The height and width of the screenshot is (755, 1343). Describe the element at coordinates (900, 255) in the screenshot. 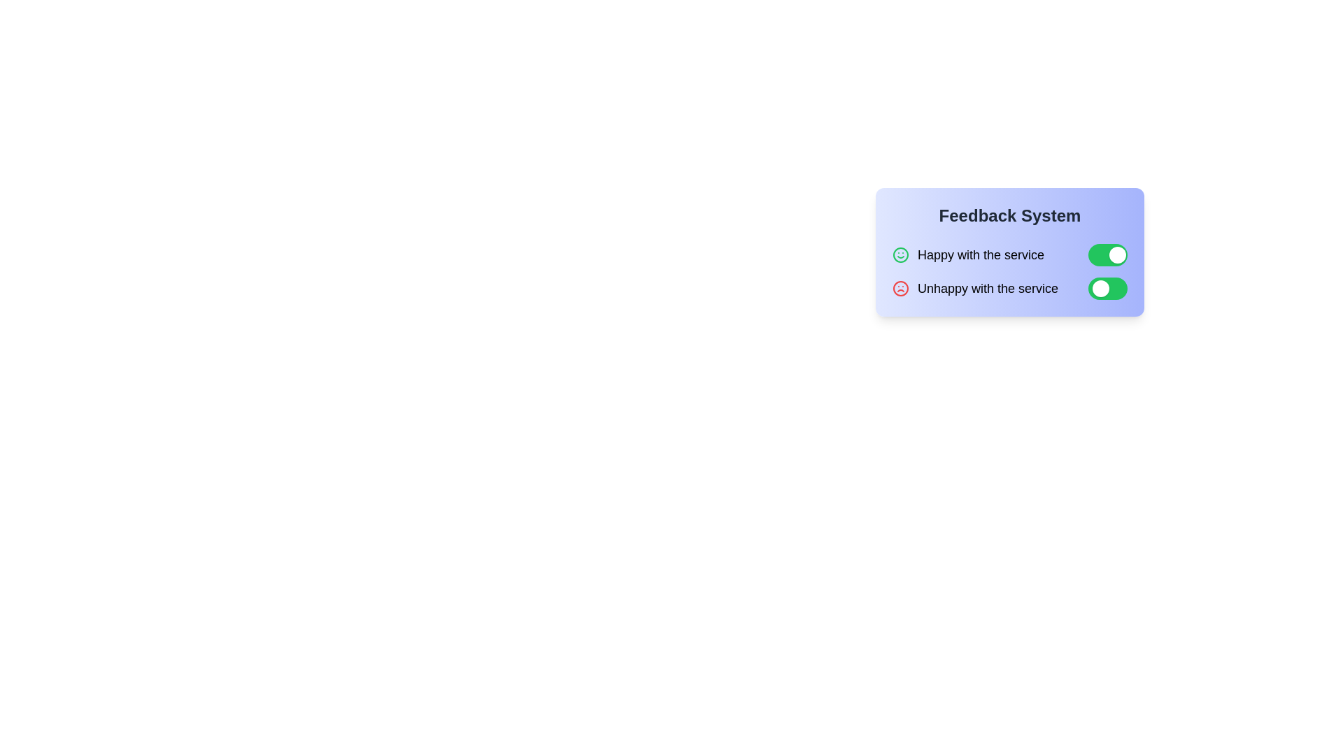

I see `the circular smiley-face icon with a green outline and eyes, located to the left of the text 'Happy with the service'` at that location.